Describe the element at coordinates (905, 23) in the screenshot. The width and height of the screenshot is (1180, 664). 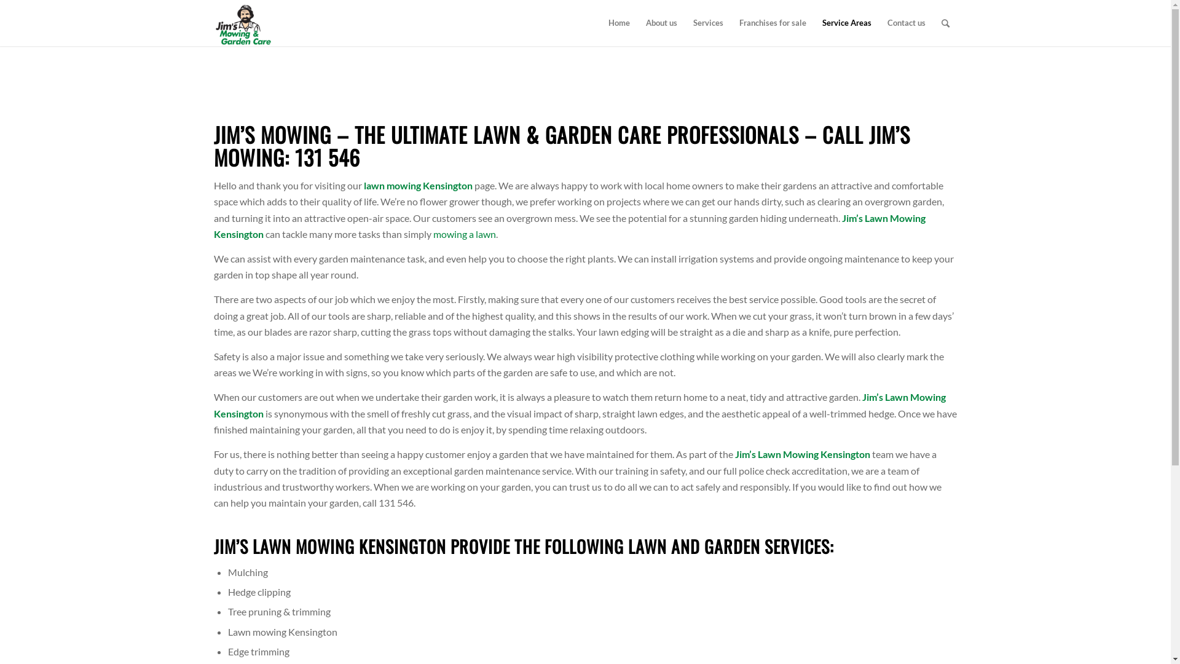
I see `'Contact us'` at that location.